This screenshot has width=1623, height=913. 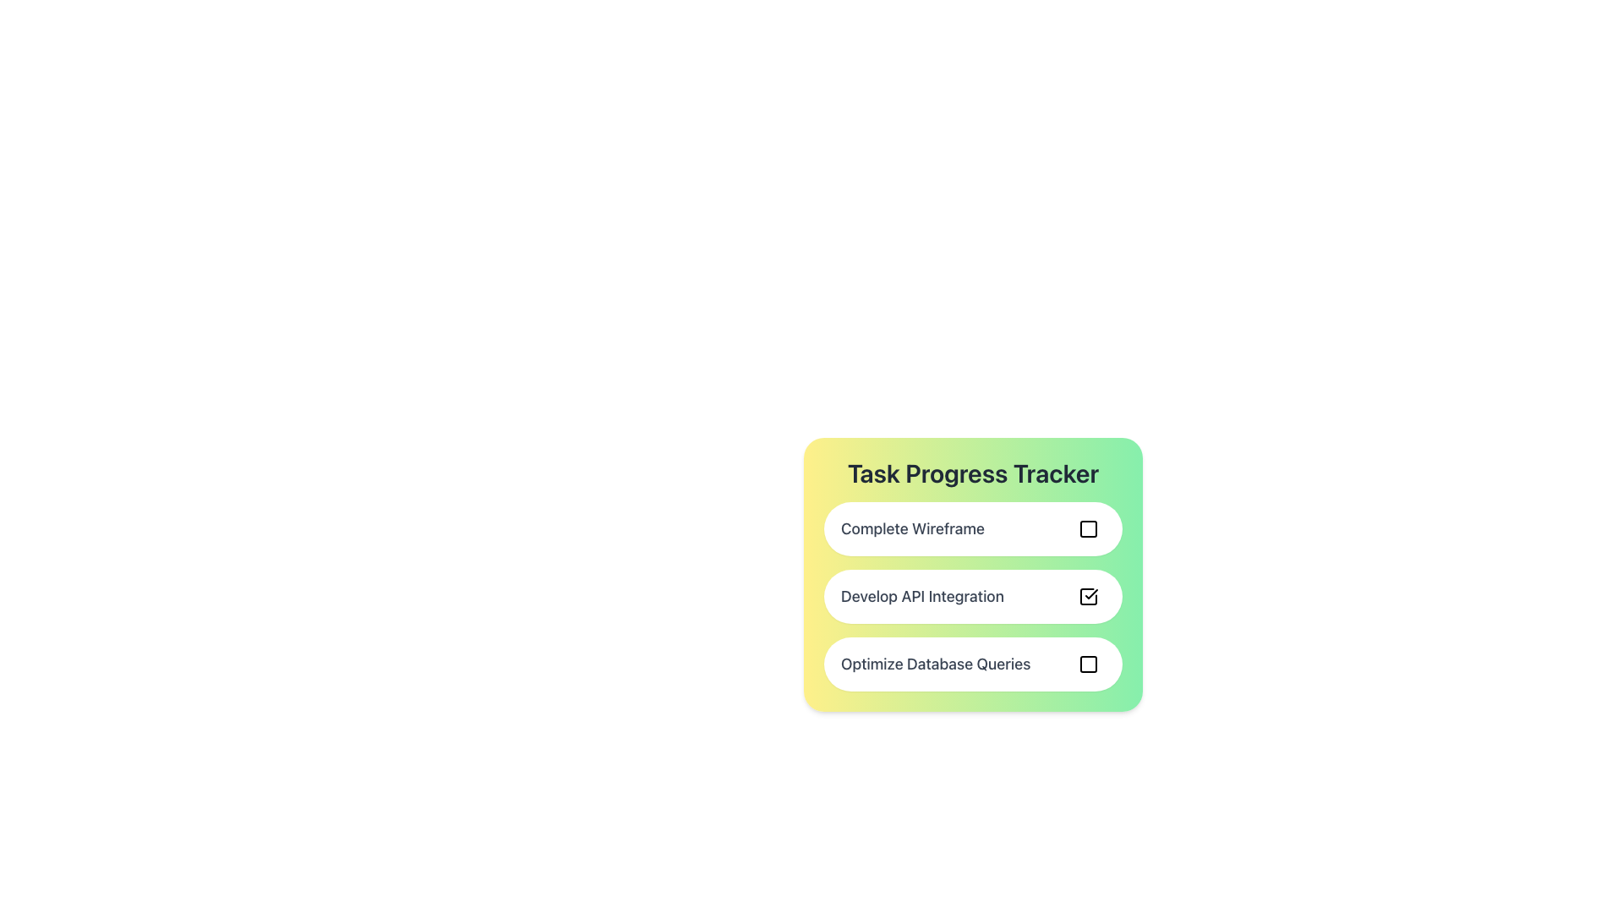 I want to click on the delete button associated with the task 'Optimize Database Queries' in the 'Task Progress Tracker', so click(x=1088, y=664).